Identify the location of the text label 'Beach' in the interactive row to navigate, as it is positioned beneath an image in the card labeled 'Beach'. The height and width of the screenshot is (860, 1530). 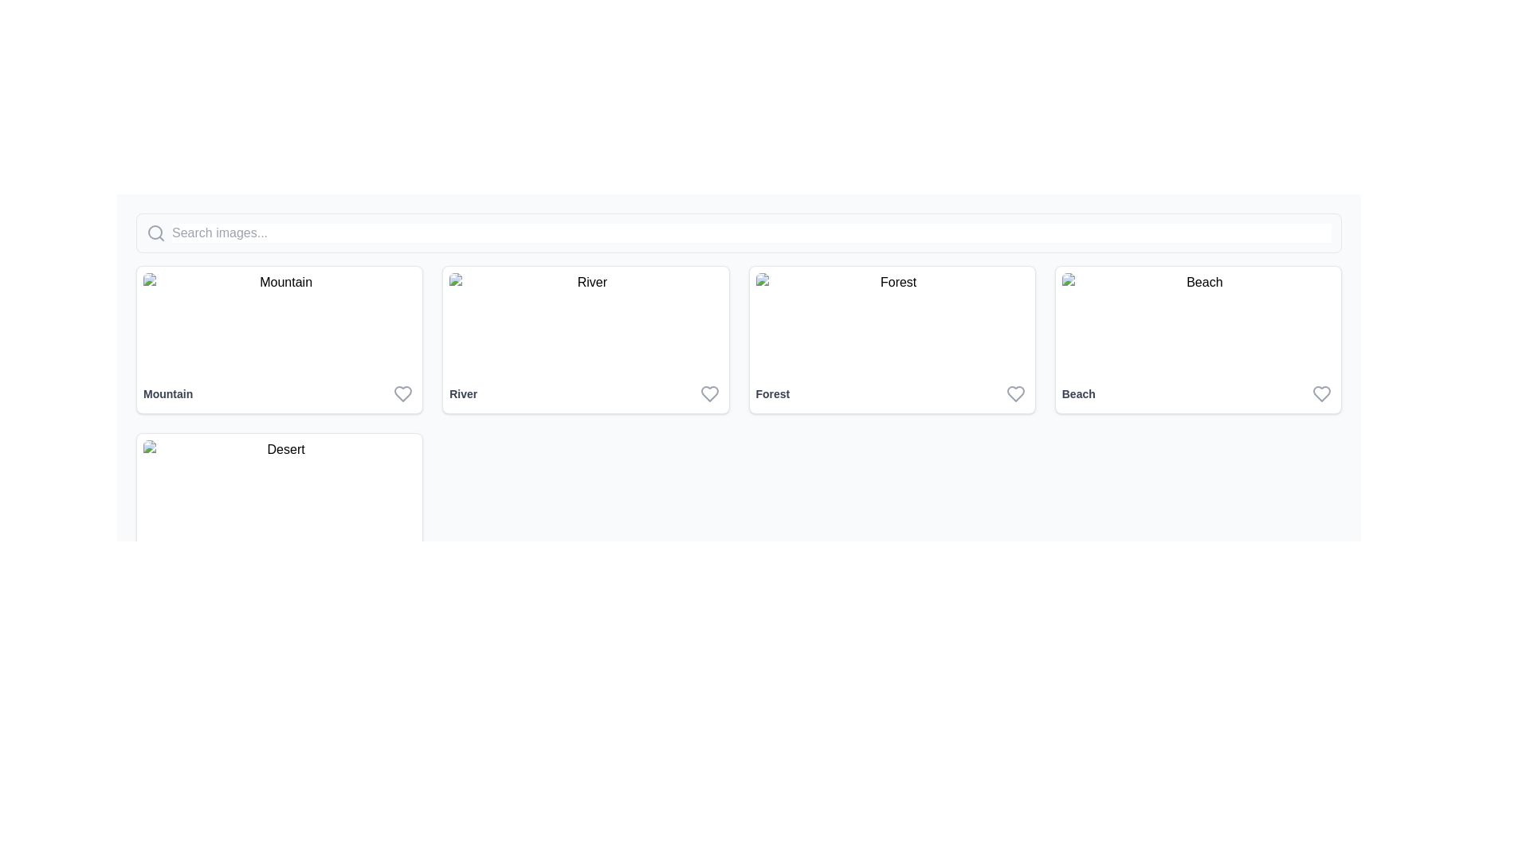
(1198, 393).